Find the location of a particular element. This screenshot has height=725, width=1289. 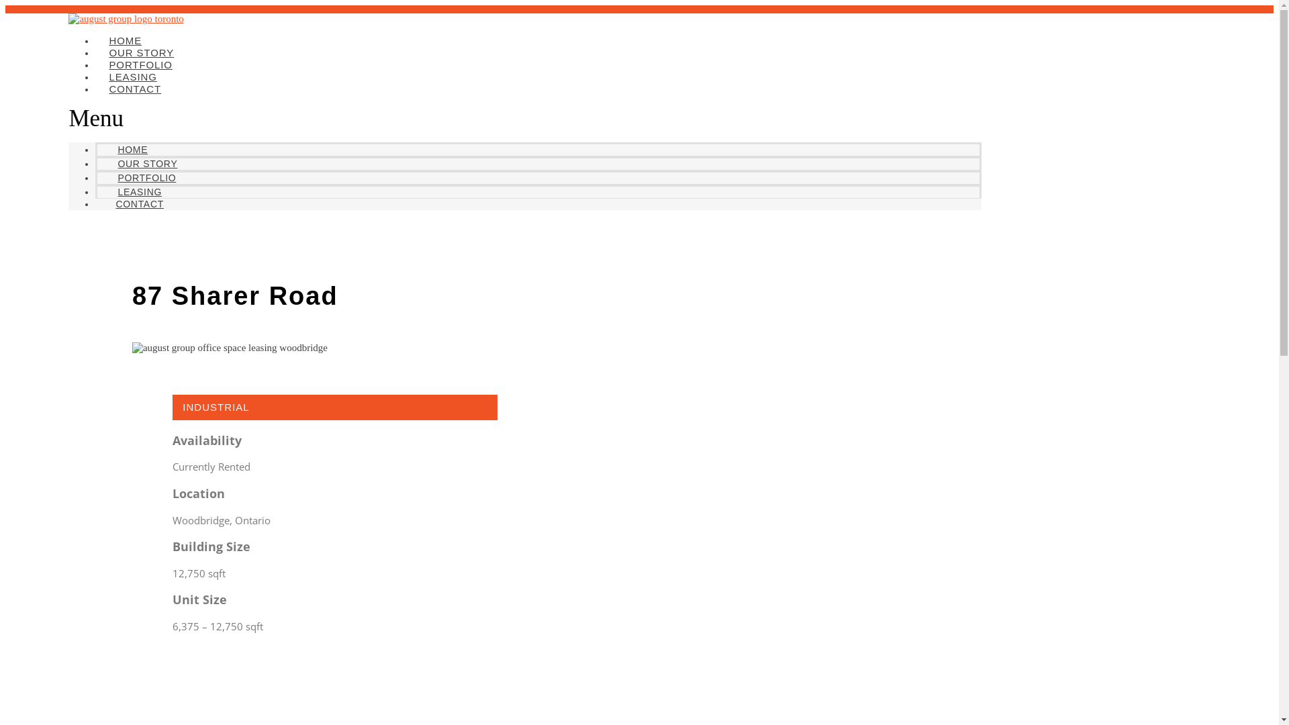

'PORTFOLIO' is located at coordinates (140, 64).